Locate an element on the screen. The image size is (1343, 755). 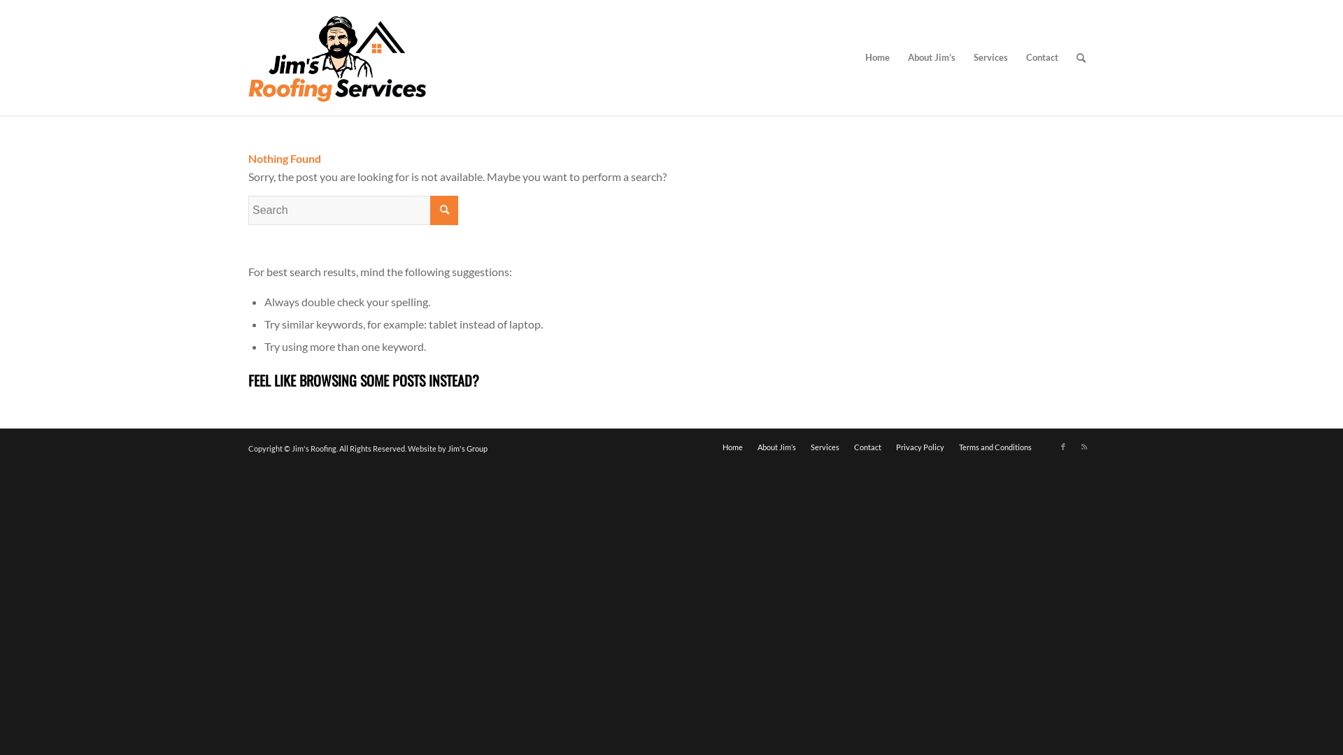
'jimsroofinglogo-1-web' is located at coordinates (338, 57).